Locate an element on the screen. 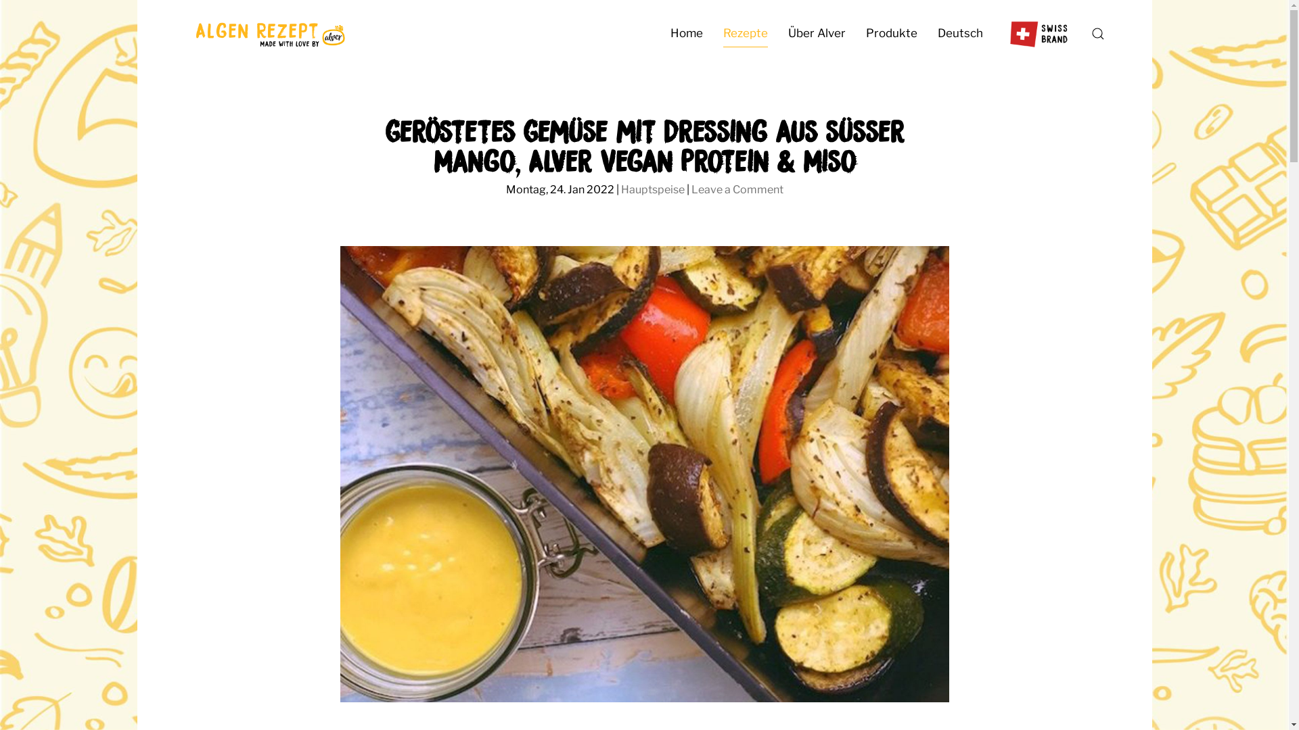 The width and height of the screenshot is (1299, 730). 'Deutsch' is located at coordinates (959, 33).